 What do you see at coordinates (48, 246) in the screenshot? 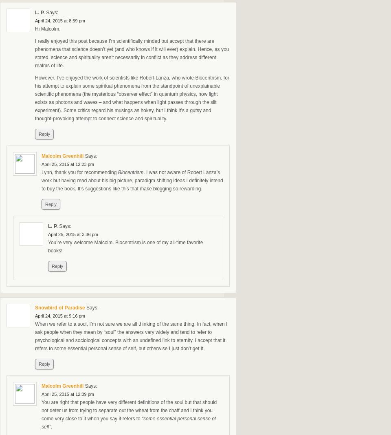
I see `'You’re very welcome Malcolm. Biocentrism is one of my all-time favorite books!'` at bounding box center [48, 246].